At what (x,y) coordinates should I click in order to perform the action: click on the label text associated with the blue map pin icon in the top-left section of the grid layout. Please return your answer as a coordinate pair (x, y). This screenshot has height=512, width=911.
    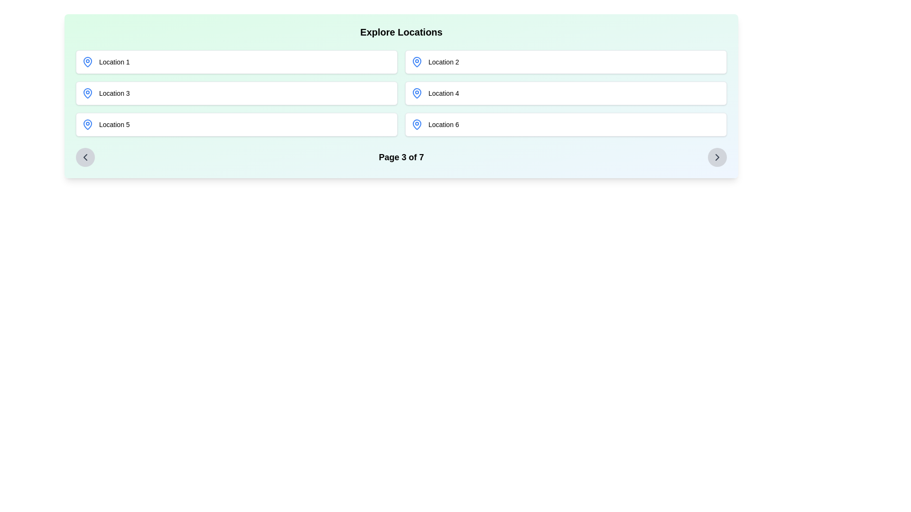
    Looking at the image, I should click on (114, 62).